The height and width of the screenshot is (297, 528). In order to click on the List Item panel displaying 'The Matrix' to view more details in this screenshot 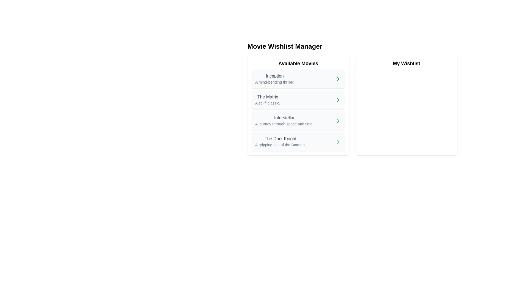, I will do `click(298, 100)`.